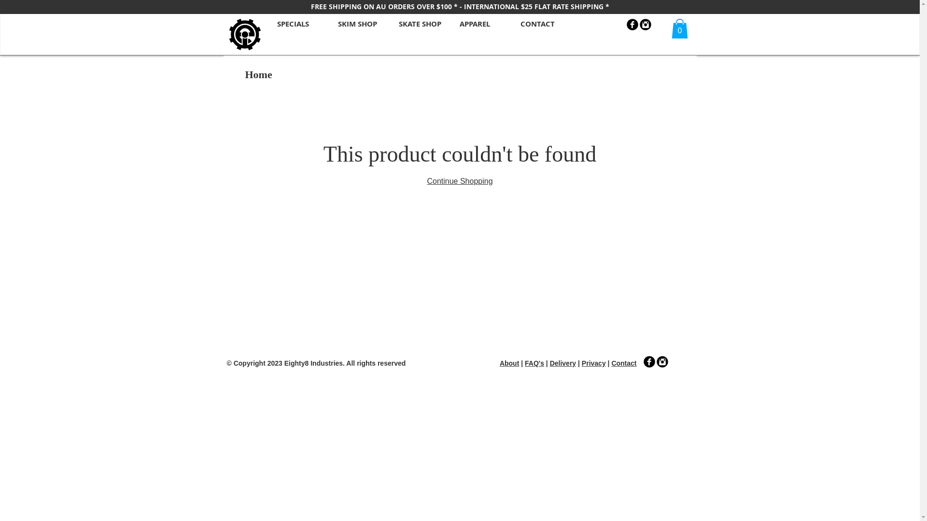 The width and height of the screenshot is (927, 521). I want to click on 'Contact', so click(611, 363).